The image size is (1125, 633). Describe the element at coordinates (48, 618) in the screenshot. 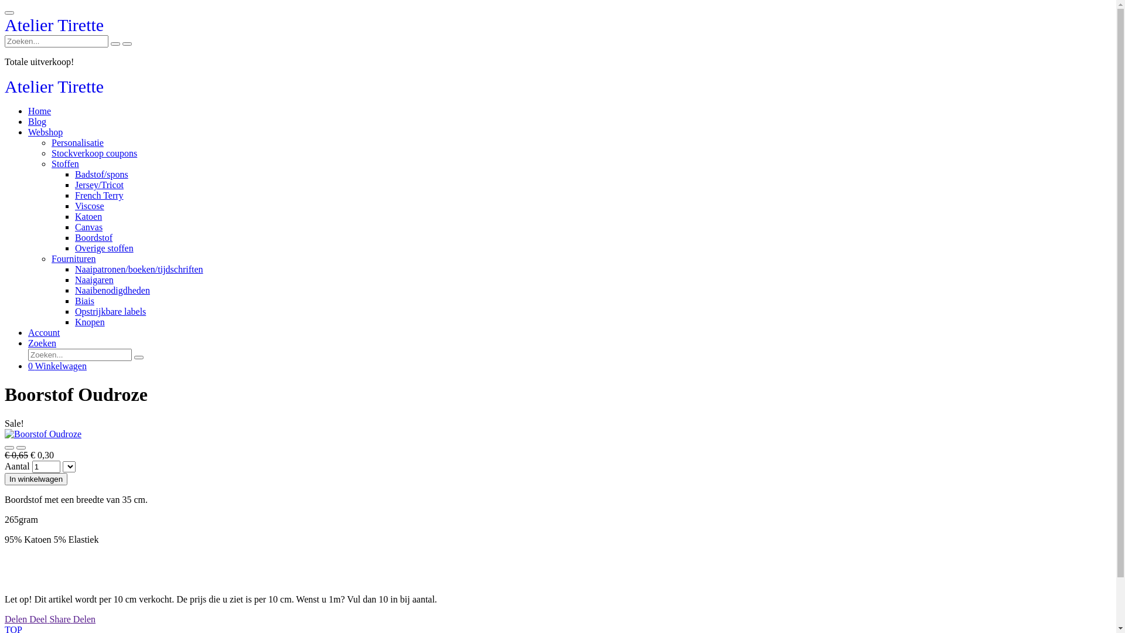

I see `'Share'` at that location.